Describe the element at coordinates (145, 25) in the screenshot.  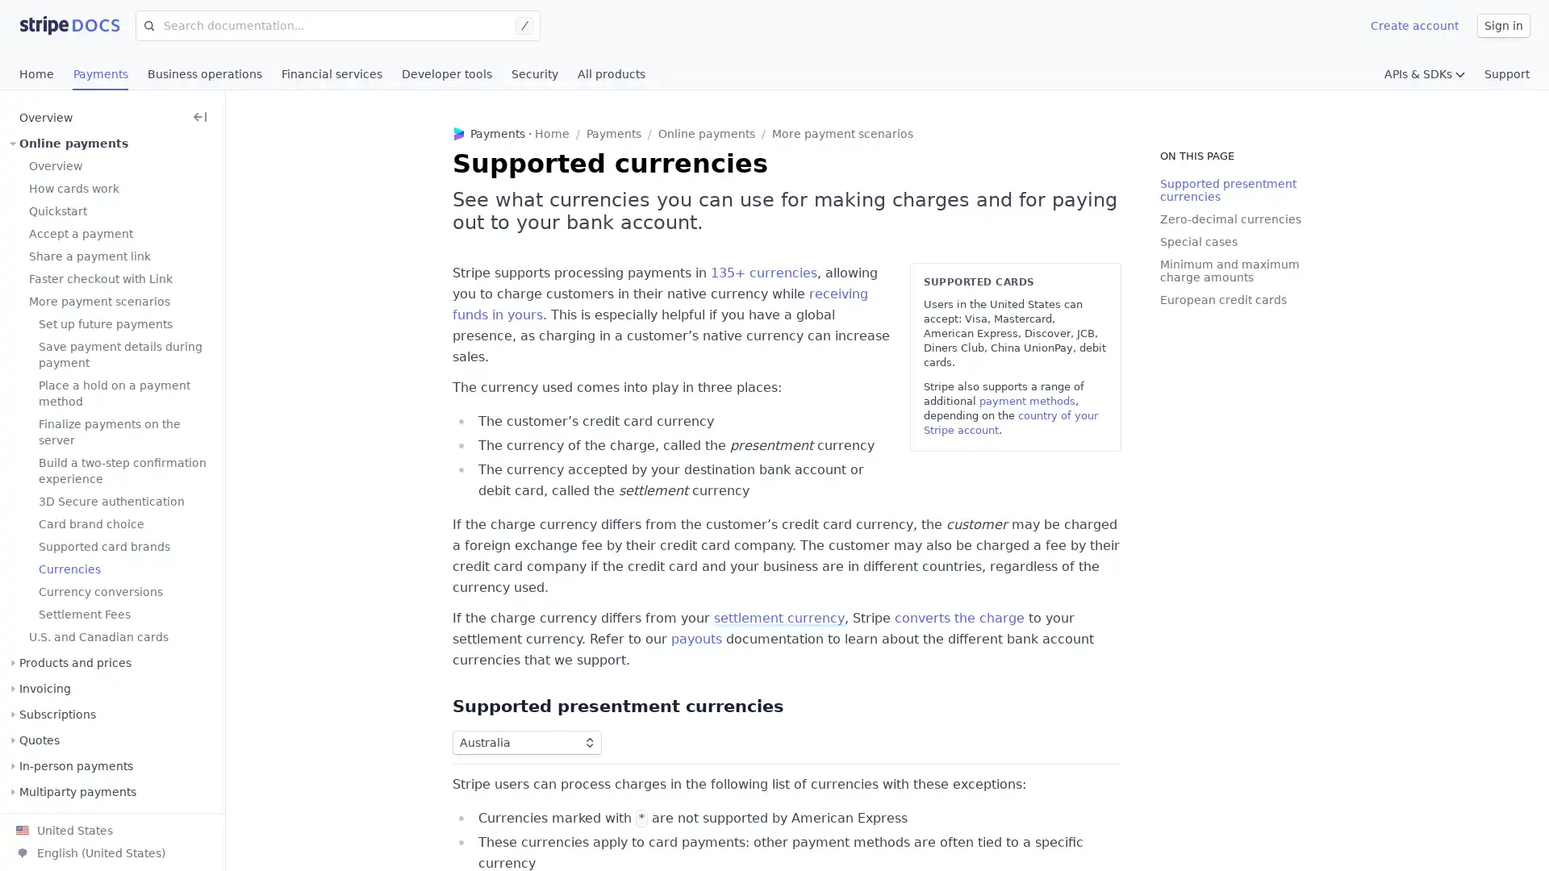
I see `Search for` at that location.